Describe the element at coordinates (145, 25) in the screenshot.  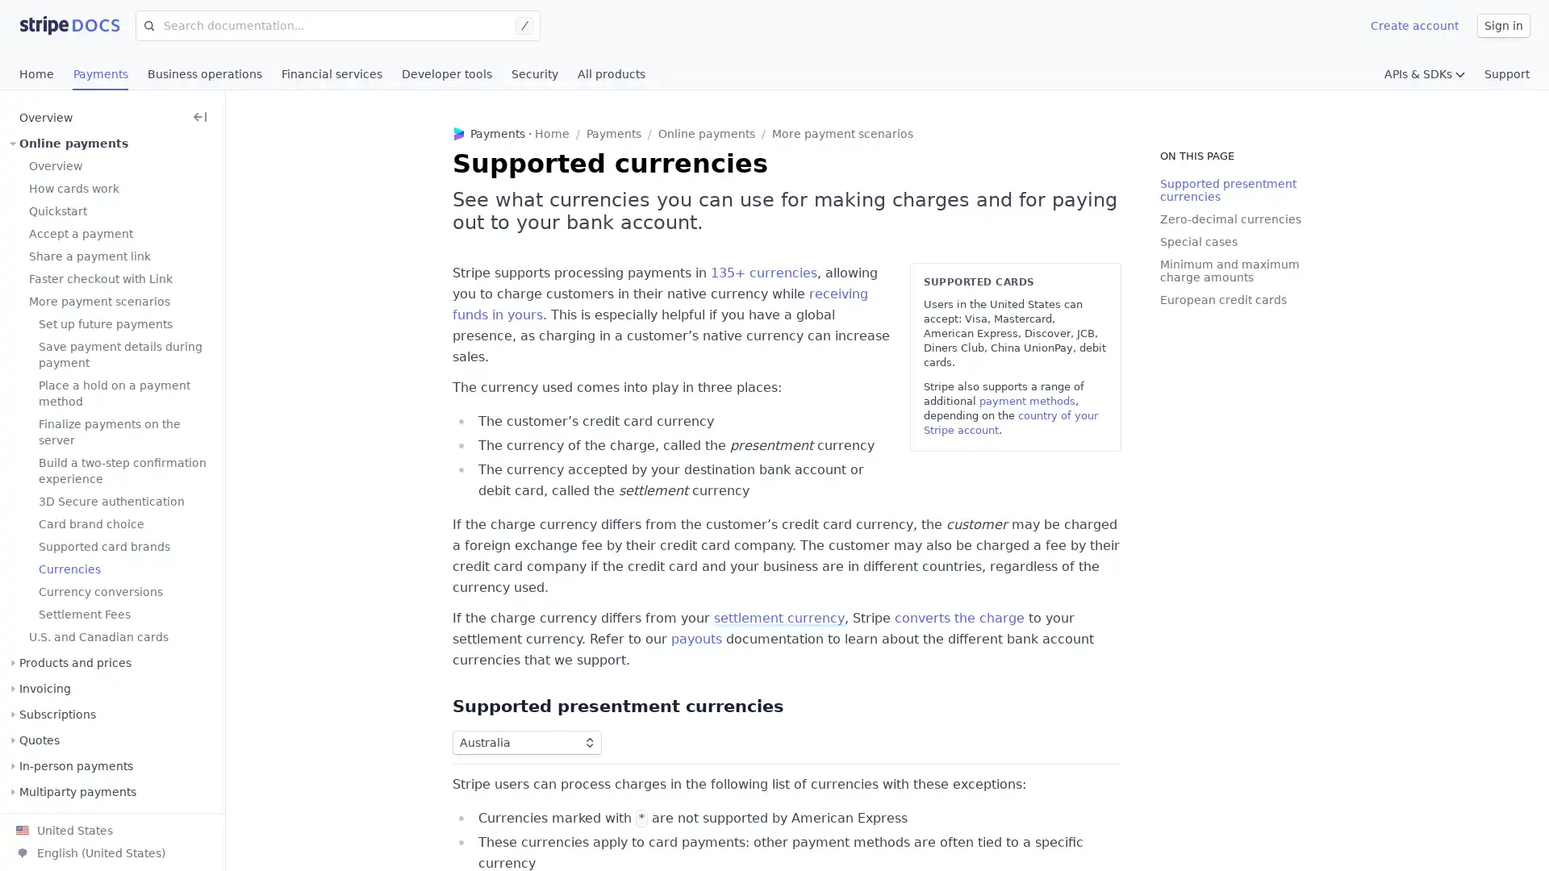
I see `Search for` at that location.